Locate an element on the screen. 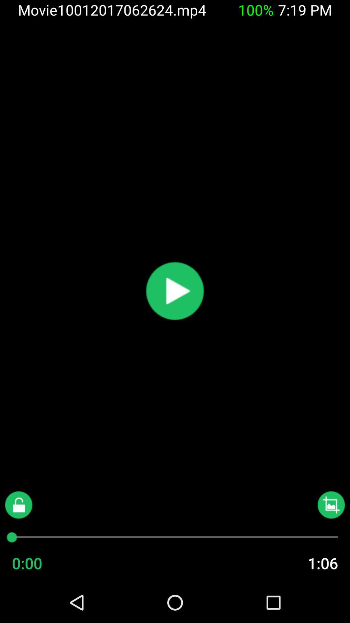  change video rotation is located at coordinates (331, 505).